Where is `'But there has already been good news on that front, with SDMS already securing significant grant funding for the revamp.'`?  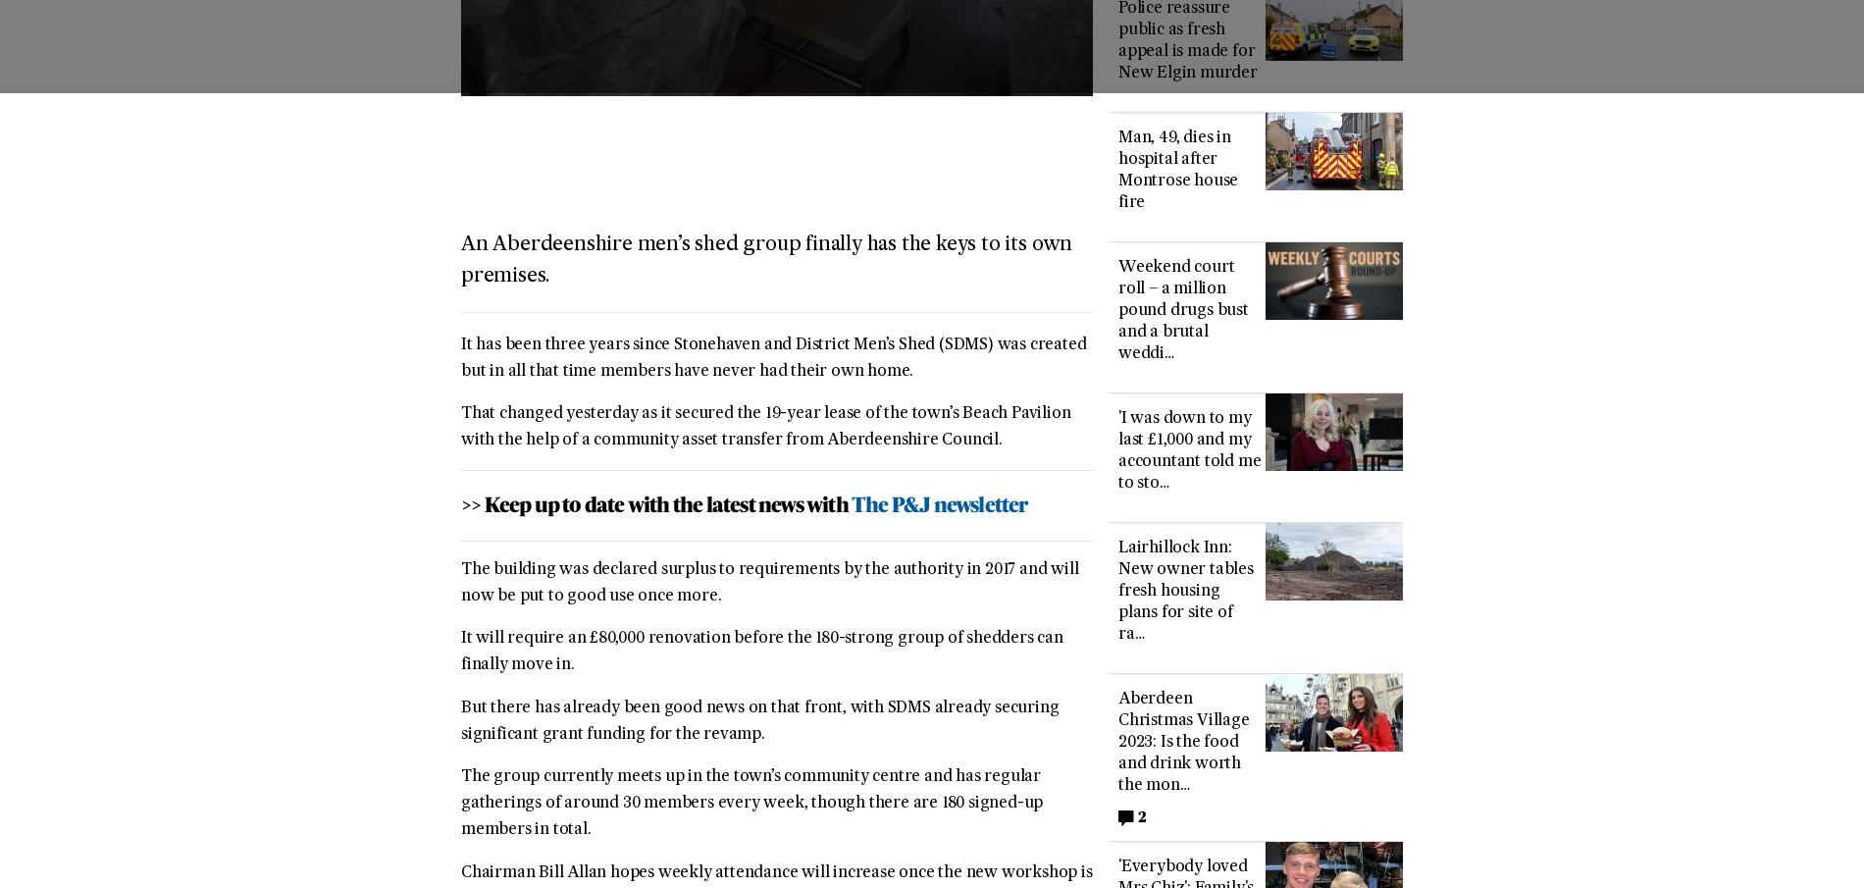
'But there has already been good news on that front, with SDMS already securing significant grant funding for the revamp.' is located at coordinates (758, 719).